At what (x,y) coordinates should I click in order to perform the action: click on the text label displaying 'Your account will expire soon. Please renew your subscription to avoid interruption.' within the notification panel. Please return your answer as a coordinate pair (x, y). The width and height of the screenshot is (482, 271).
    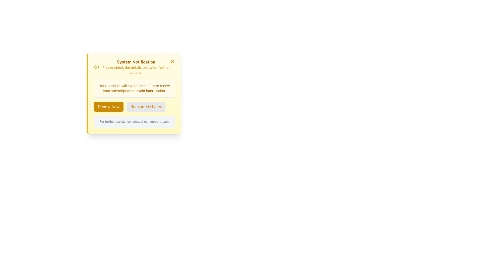
    Looking at the image, I should click on (135, 88).